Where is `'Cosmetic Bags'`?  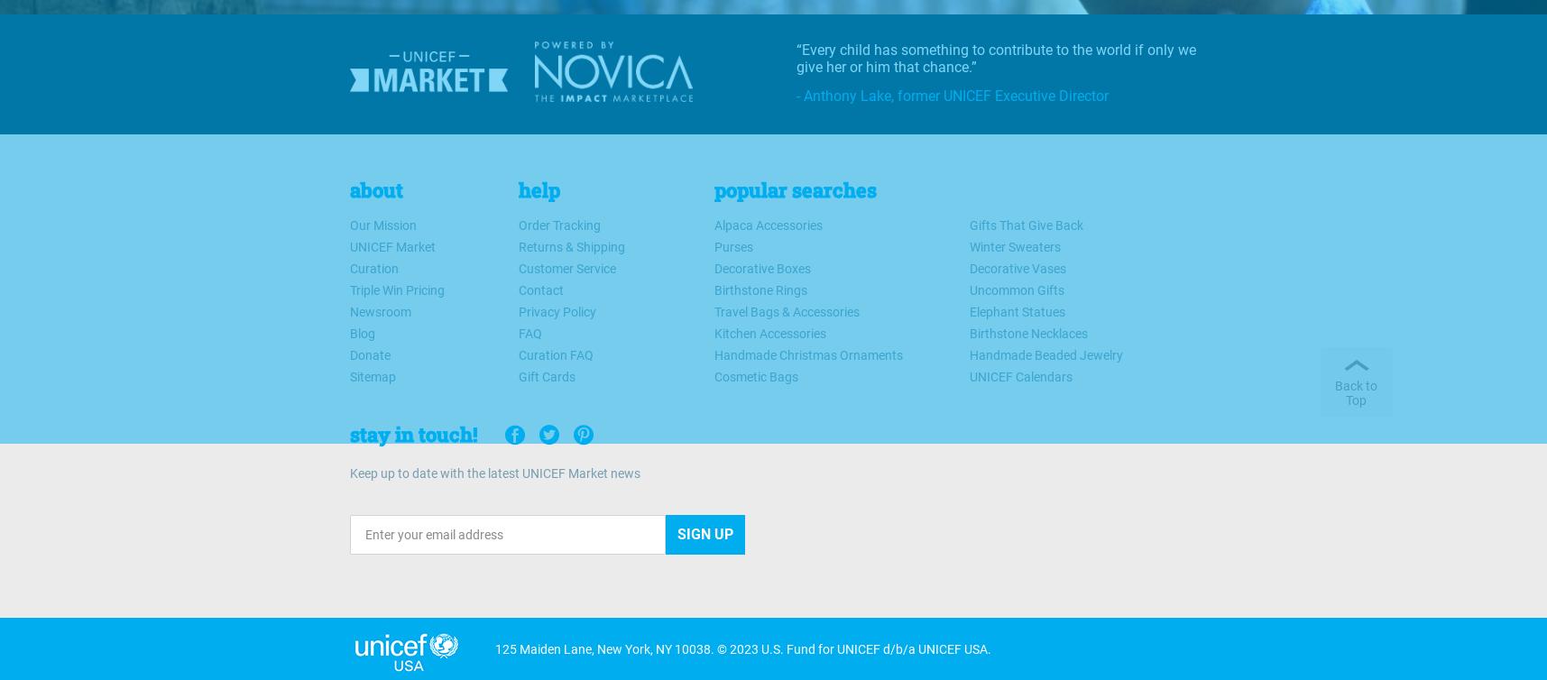
'Cosmetic Bags' is located at coordinates (754, 376).